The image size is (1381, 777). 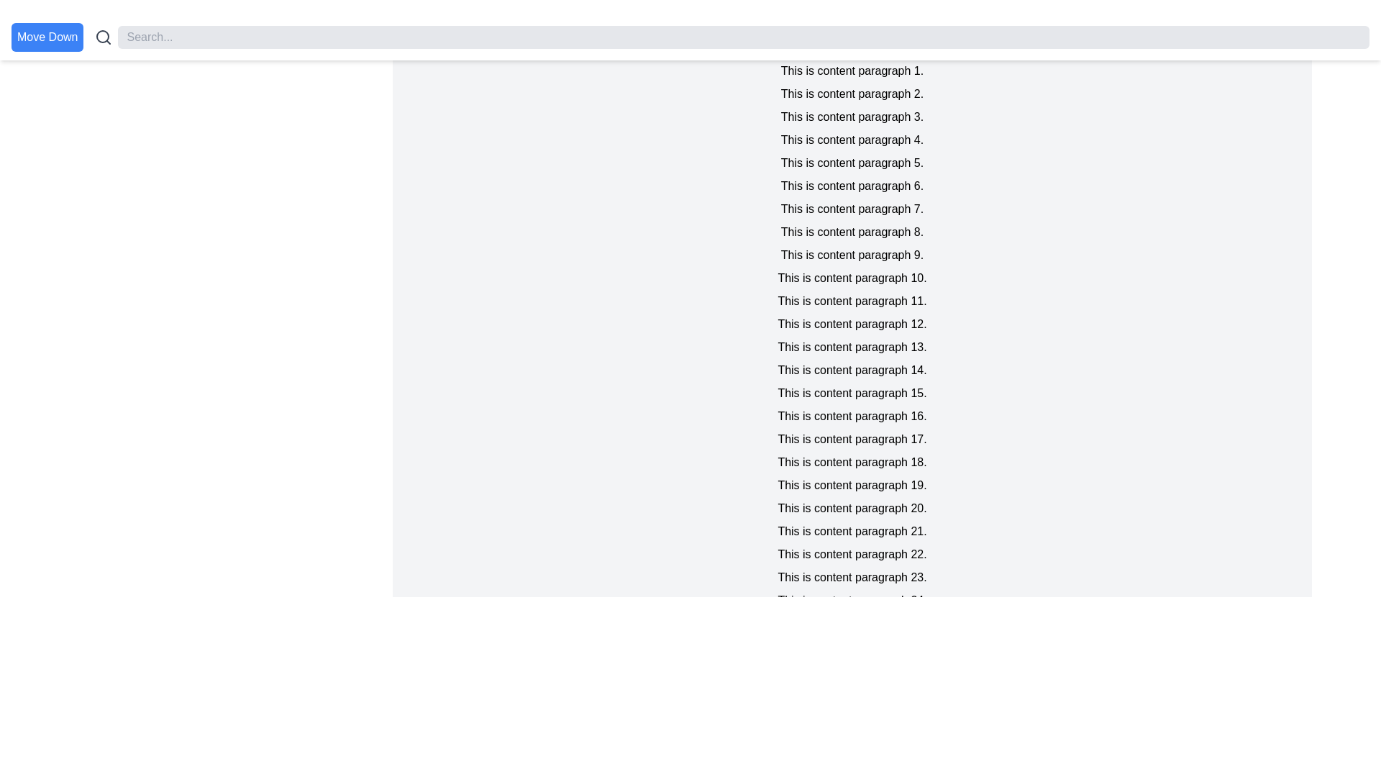 What do you see at coordinates (852, 486) in the screenshot?
I see `the static text element that states 'This is content paragraph 19.'` at bounding box center [852, 486].